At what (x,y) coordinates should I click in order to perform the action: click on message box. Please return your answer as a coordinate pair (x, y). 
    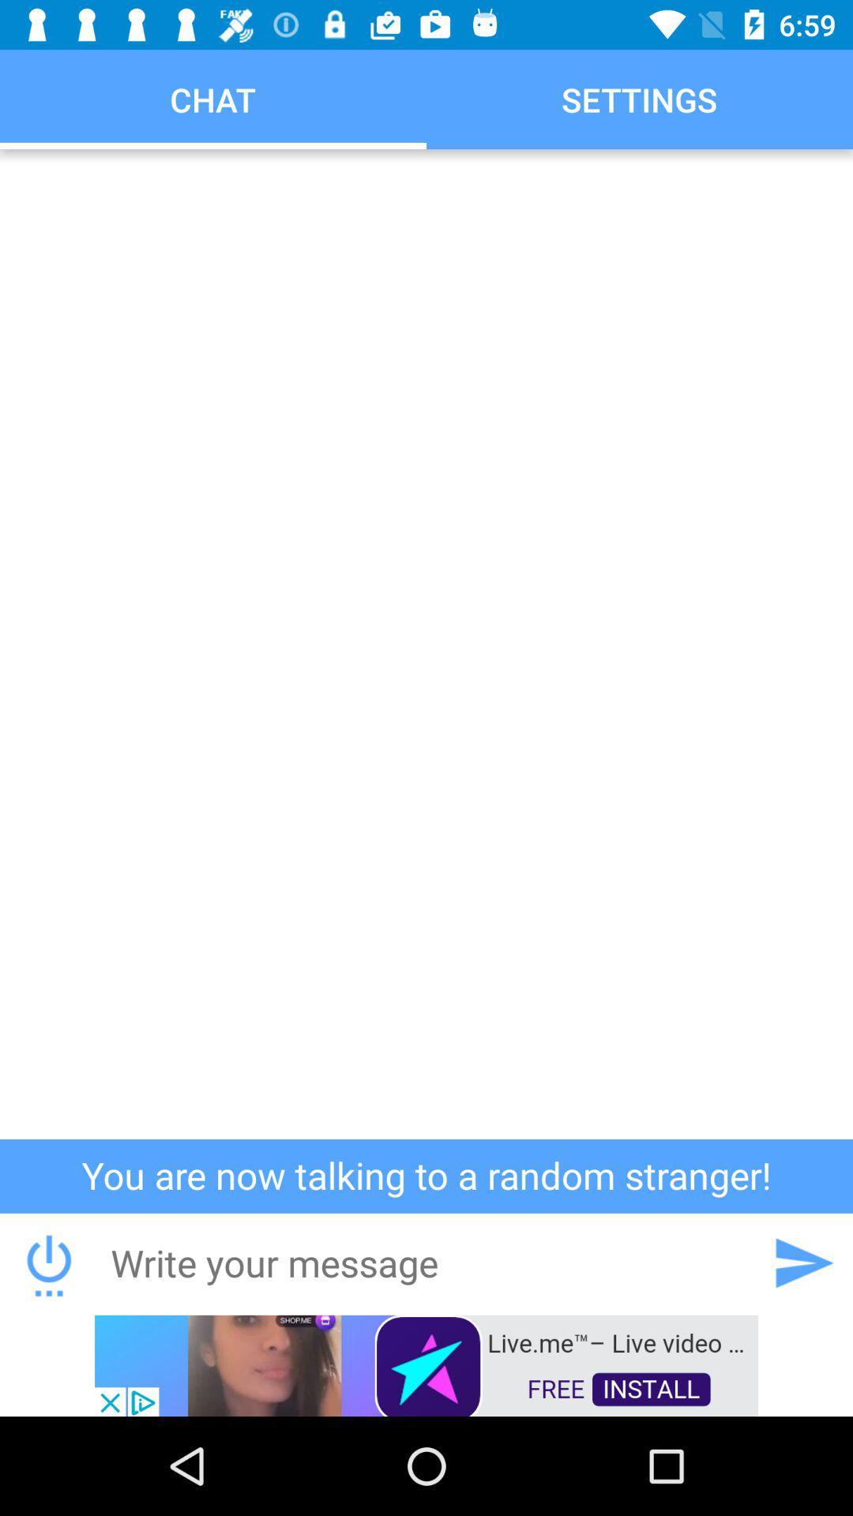
    Looking at the image, I should click on (425, 1262).